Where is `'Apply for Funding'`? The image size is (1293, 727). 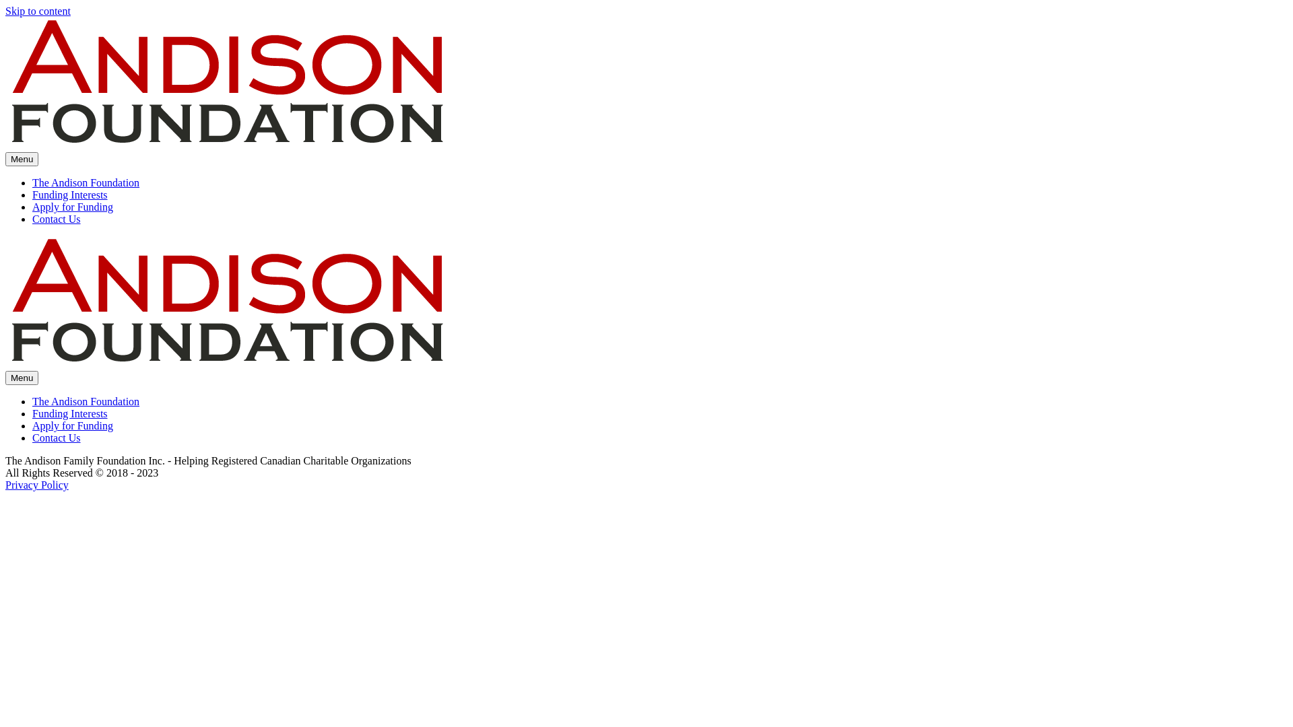
'Apply for Funding' is located at coordinates (32, 207).